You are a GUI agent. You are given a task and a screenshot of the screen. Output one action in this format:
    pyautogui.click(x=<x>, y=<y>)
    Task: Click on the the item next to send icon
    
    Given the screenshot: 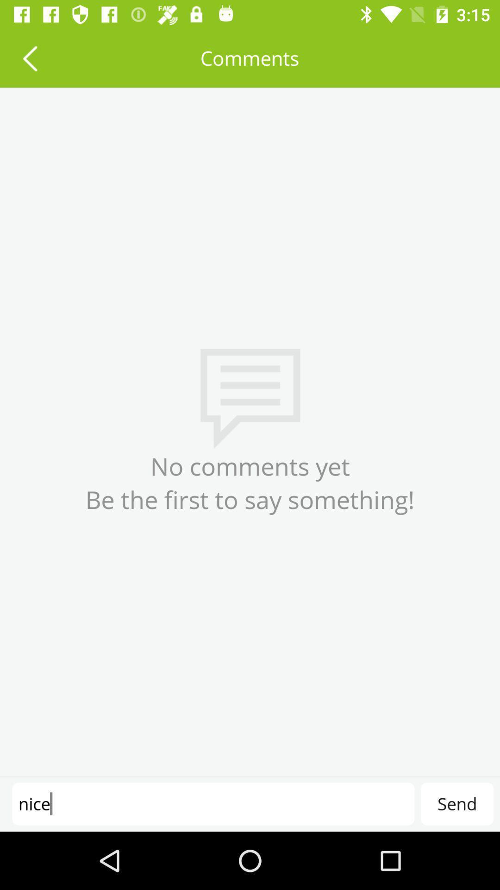 What is the action you would take?
    pyautogui.click(x=213, y=803)
    